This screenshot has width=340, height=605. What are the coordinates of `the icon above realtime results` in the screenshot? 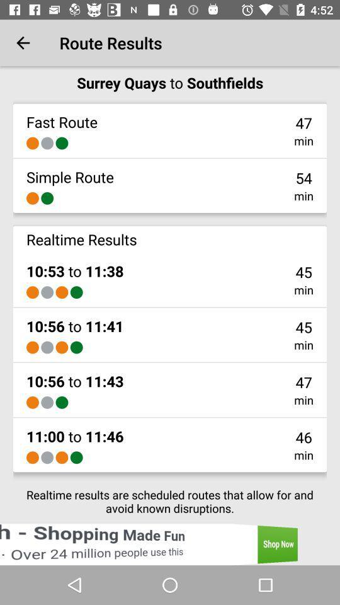 It's located at (32, 198).